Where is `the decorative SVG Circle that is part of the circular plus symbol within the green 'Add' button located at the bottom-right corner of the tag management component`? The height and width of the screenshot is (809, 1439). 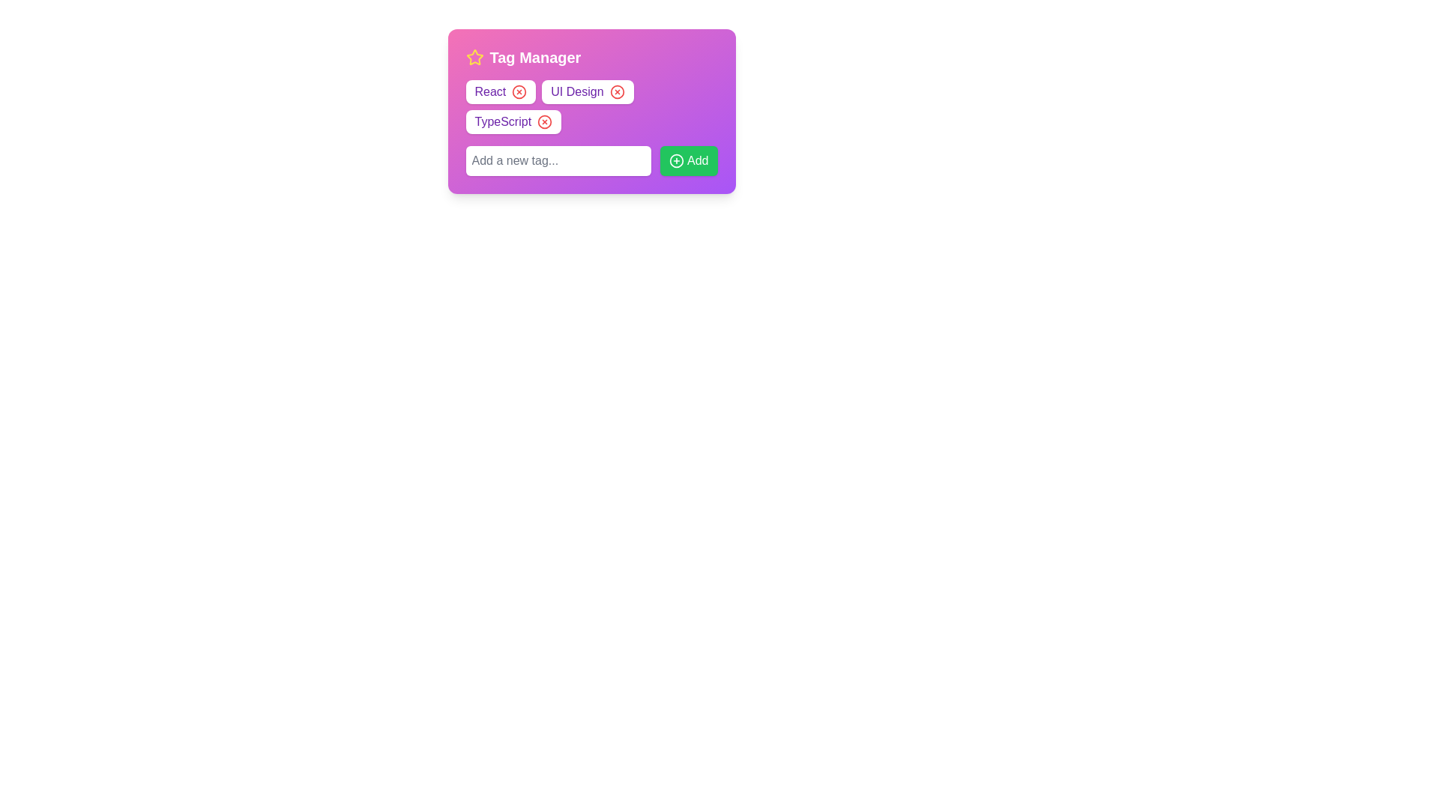 the decorative SVG Circle that is part of the circular plus symbol within the green 'Add' button located at the bottom-right corner of the tag management component is located at coordinates (675, 161).